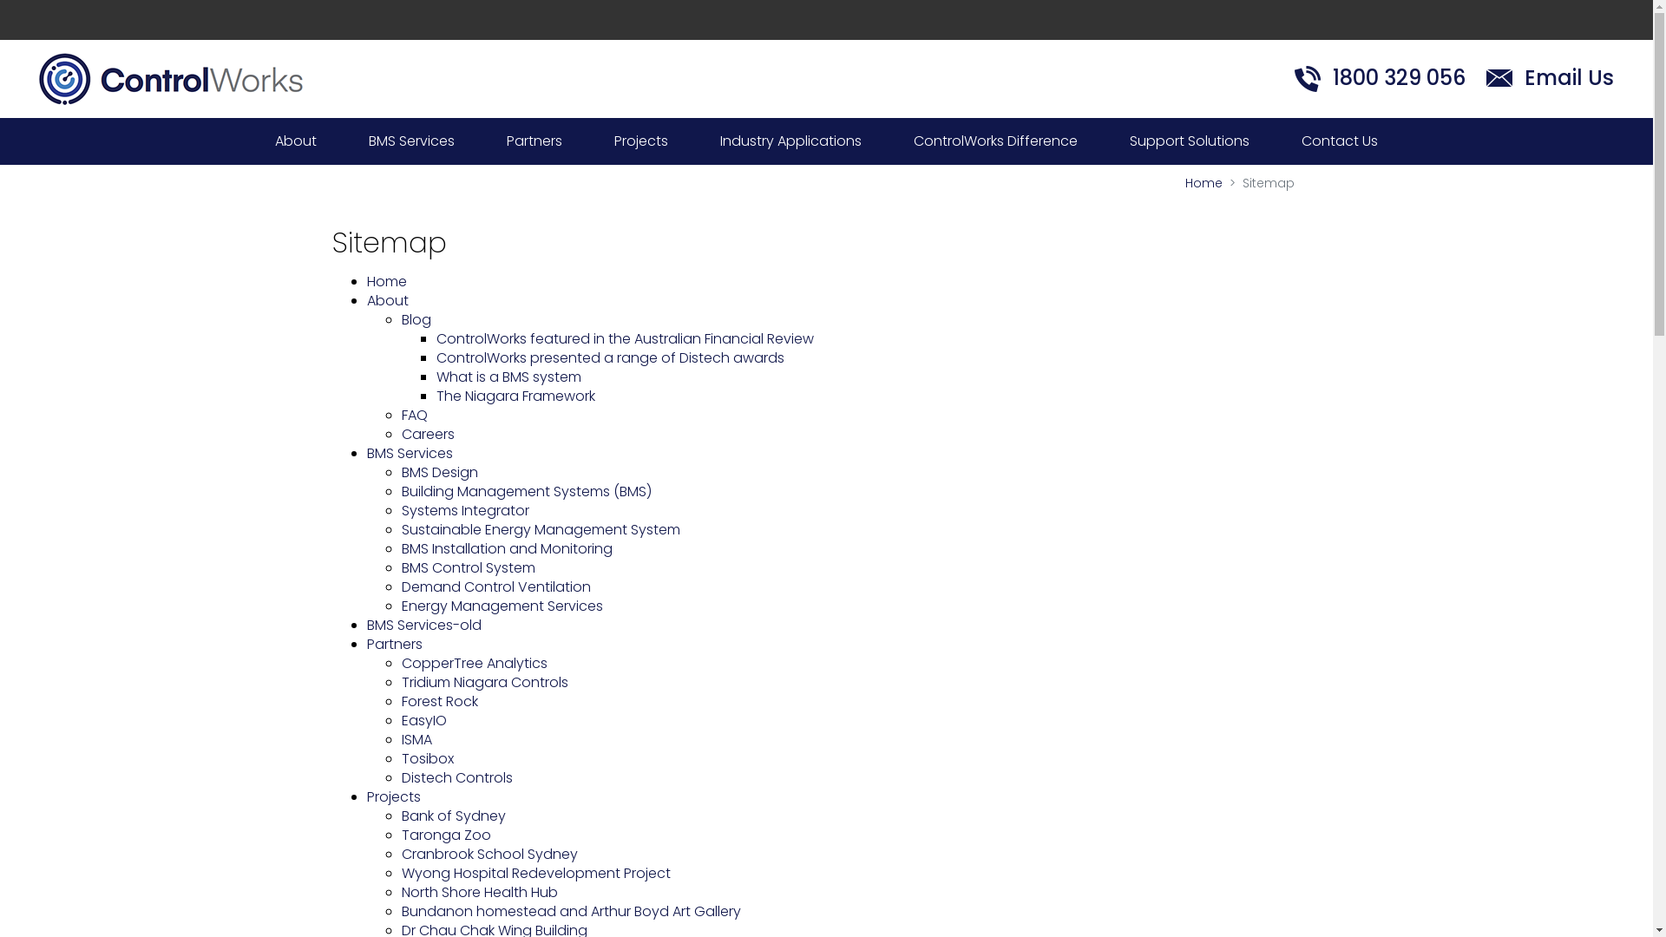  What do you see at coordinates (507, 376) in the screenshot?
I see `'What is a BMS system'` at bounding box center [507, 376].